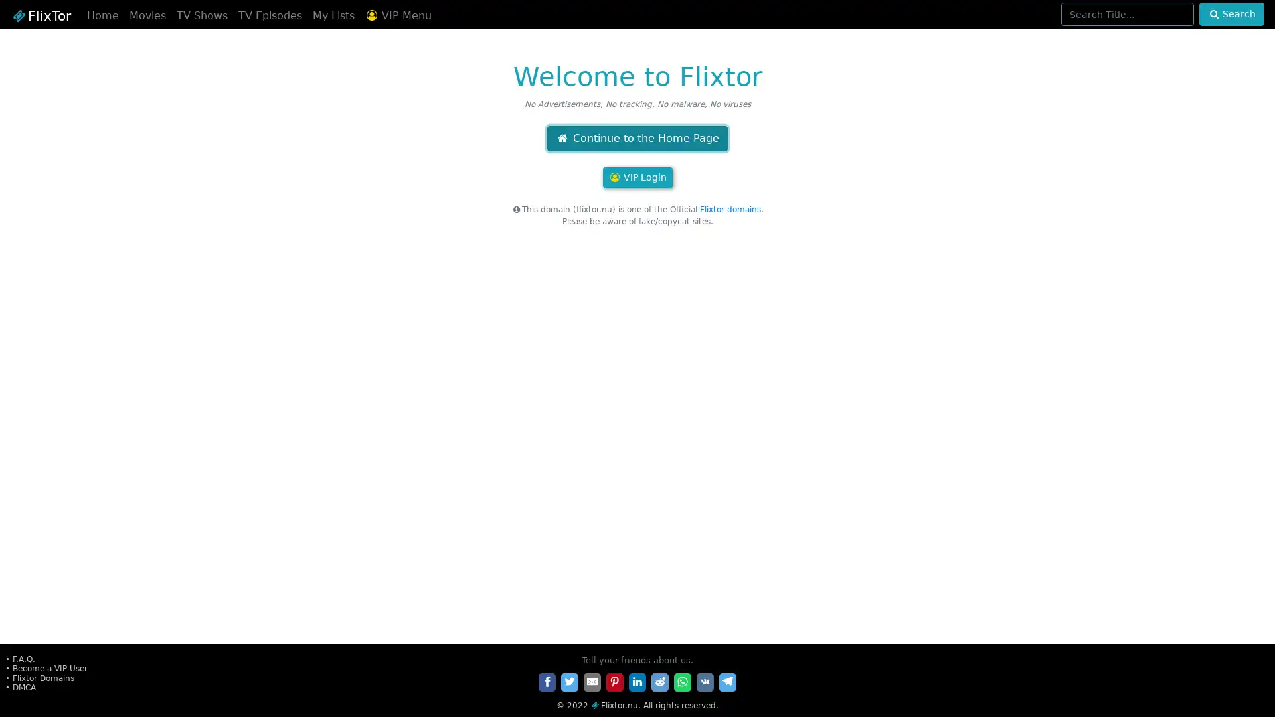 The height and width of the screenshot is (717, 1275). I want to click on Continue to the Home Page, so click(636, 138).